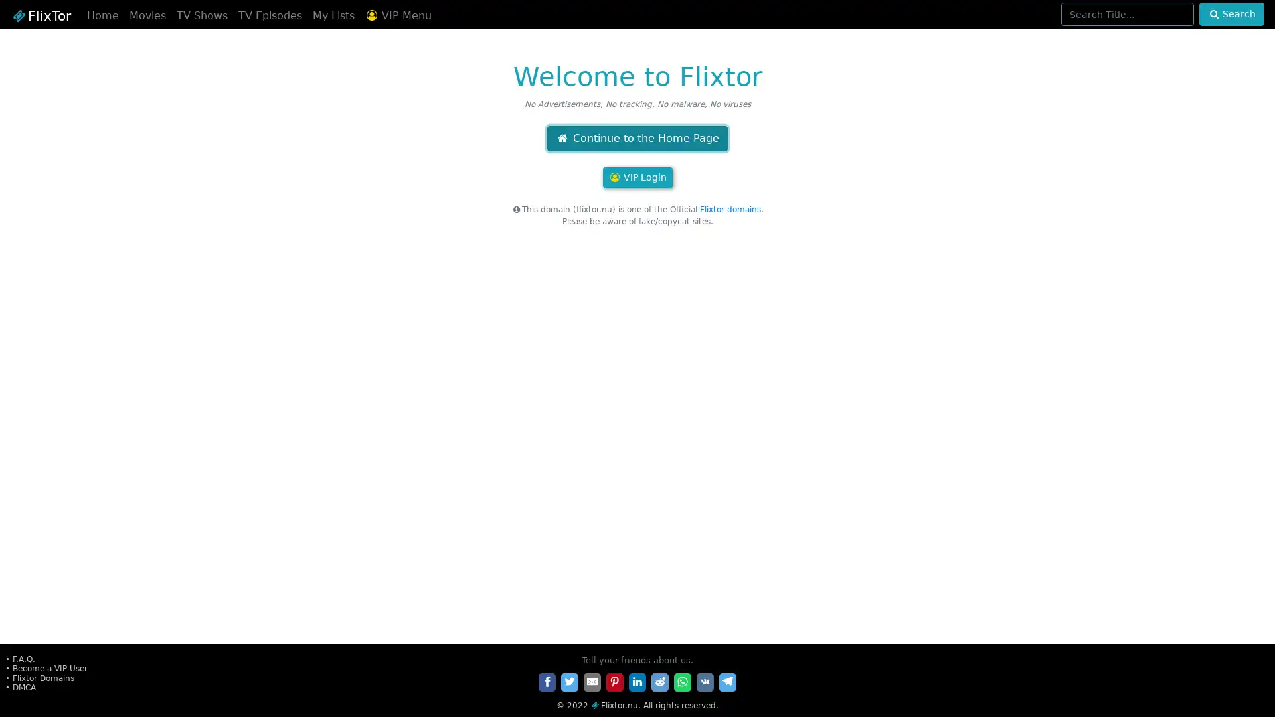 The height and width of the screenshot is (717, 1275). I want to click on Continue to the Home Page, so click(636, 138).